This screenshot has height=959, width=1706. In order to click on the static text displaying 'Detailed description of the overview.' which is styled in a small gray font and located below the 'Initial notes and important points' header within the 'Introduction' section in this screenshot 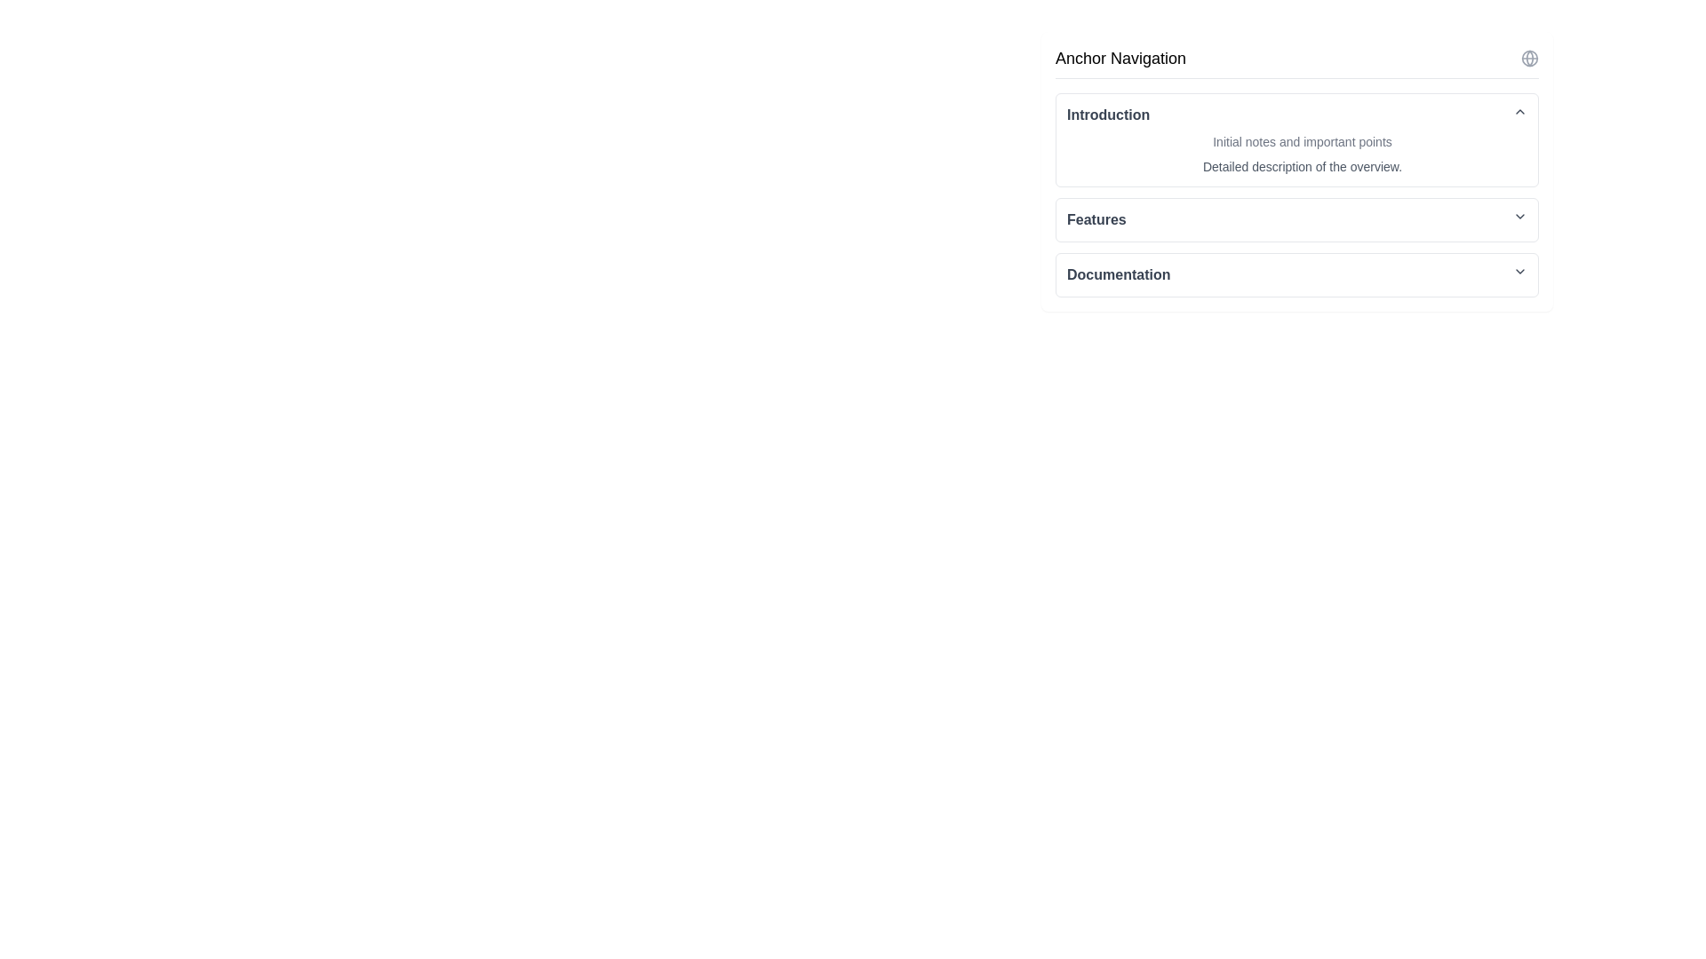, I will do `click(1302, 167)`.